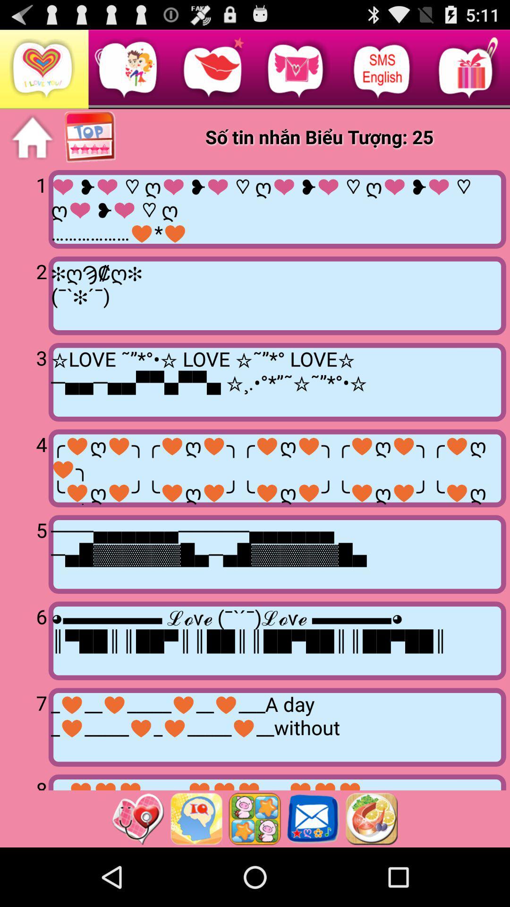 This screenshot has height=907, width=510. What do you see at coordinates (277, 641) in the screenshot?
I see `item to the right of 6 item` at bounding box center [277, 641].